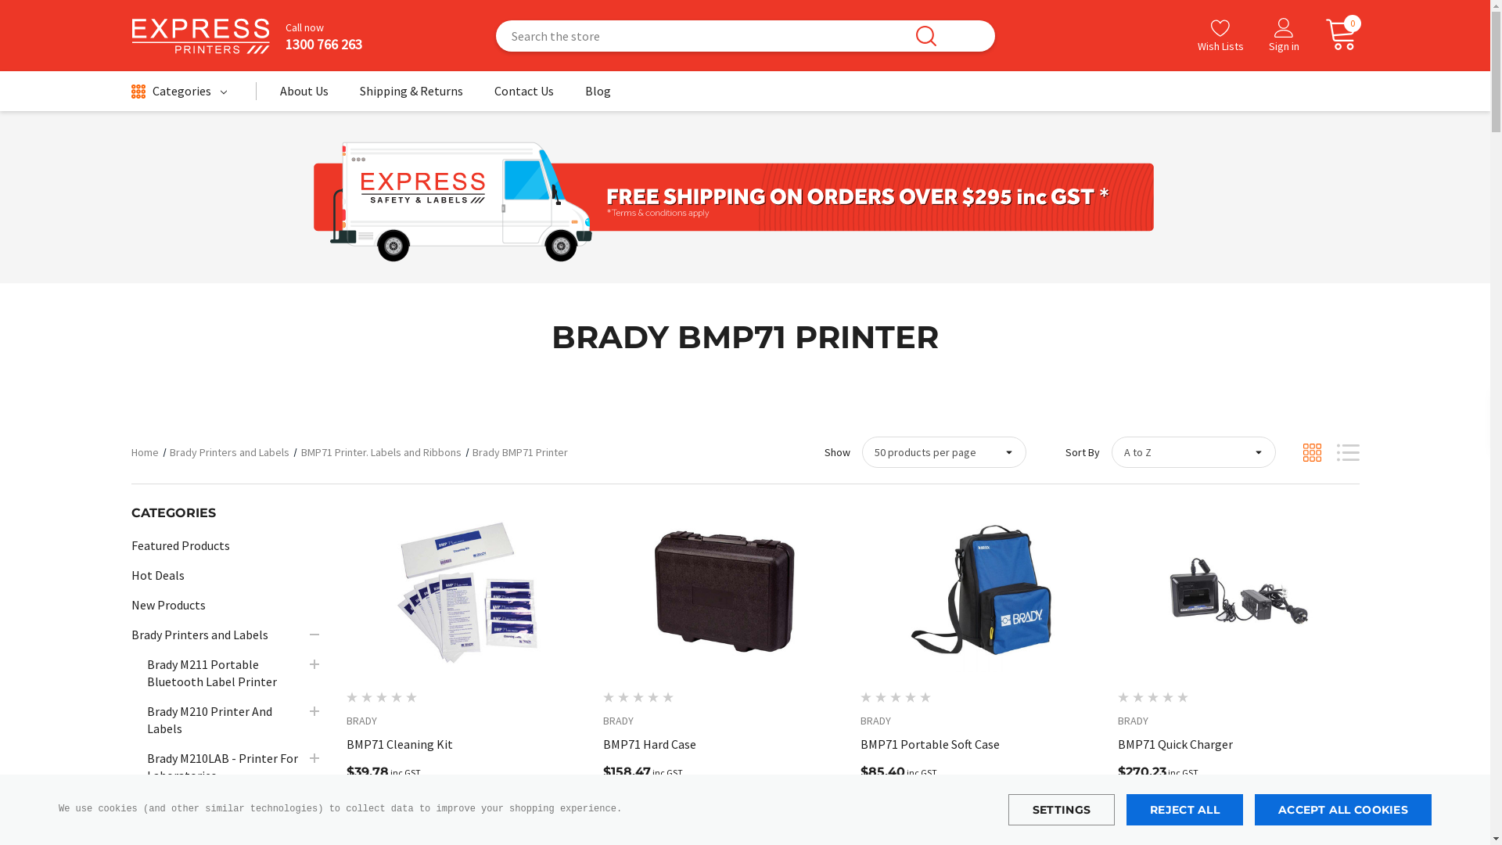 The image size is (1502, 845). What do you see at coordinates (314, 35) in the screenshot?
I see `'Call now` at bounding box center [314, 35].